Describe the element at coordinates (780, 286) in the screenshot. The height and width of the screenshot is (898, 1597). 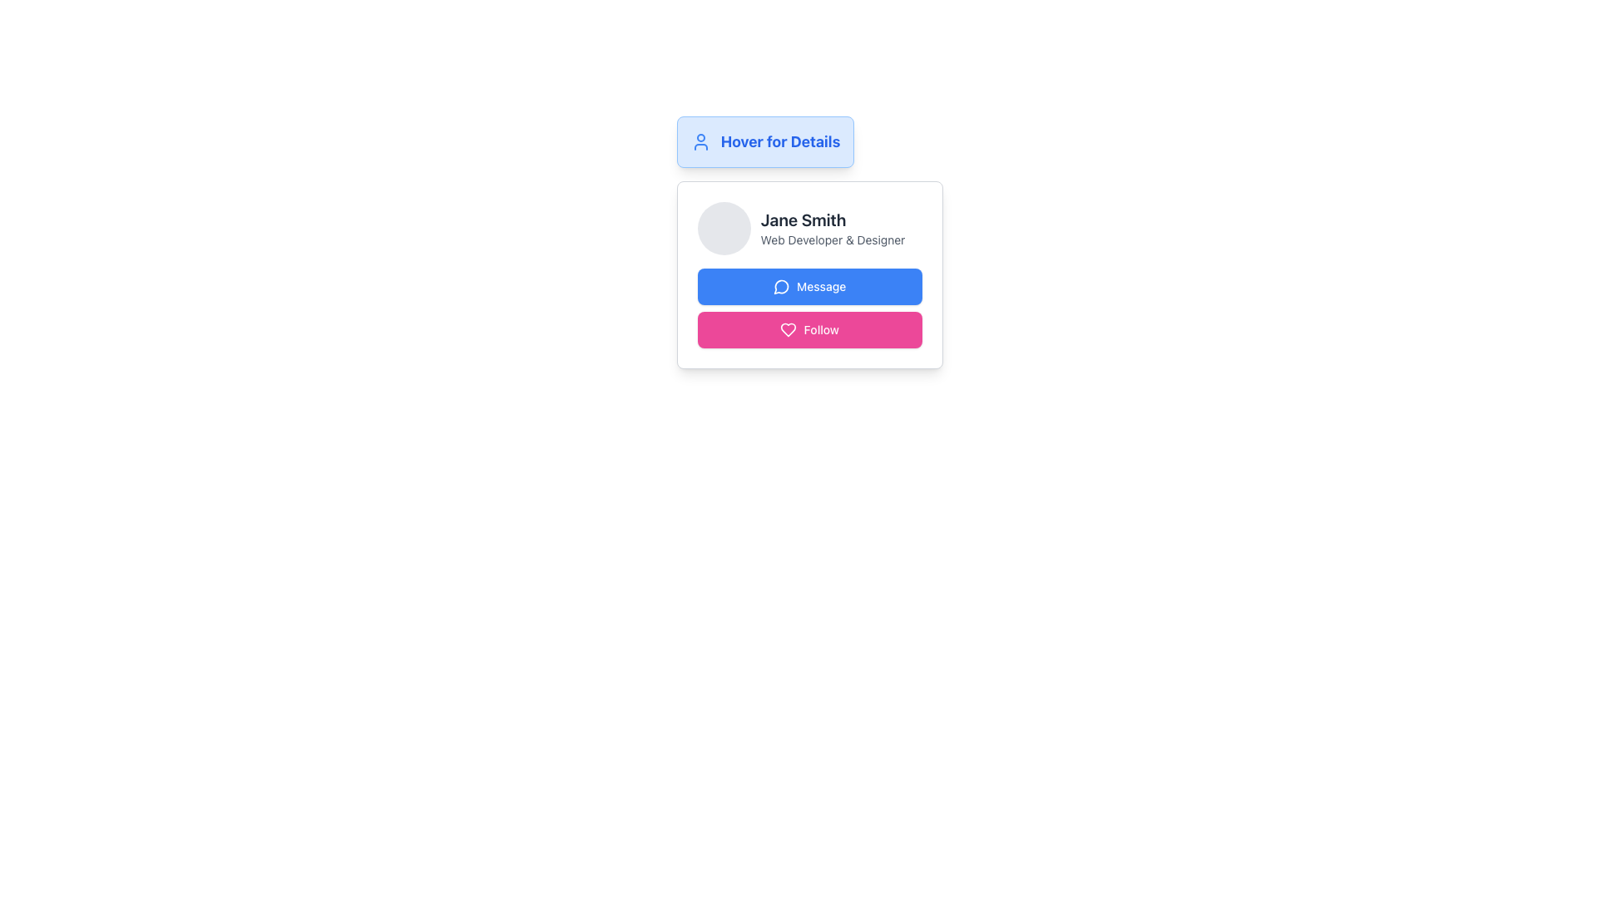
I see `the comment or speech bubble icon located within the blue 'Message' button in the user profile card interface` at that location.